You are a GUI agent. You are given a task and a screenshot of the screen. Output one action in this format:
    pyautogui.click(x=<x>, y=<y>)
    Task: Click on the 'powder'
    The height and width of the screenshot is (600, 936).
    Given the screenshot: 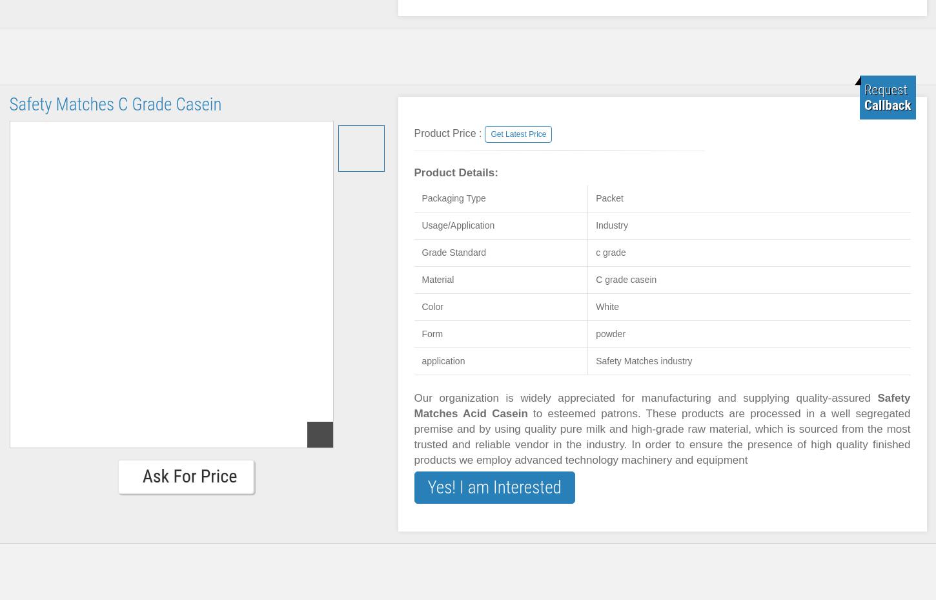 What is the action you would take?
    pyautogui.click(x=609, y=333)
    